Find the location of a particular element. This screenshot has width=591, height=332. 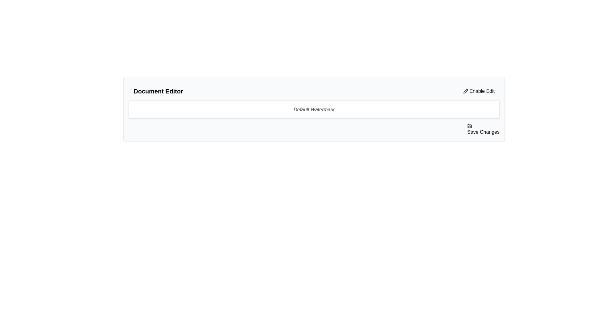

the 'Save Changes' button which is visually represented by the save icon located on the right-hand side of the button within the Document Editor section is located at coordinates (469, 125).